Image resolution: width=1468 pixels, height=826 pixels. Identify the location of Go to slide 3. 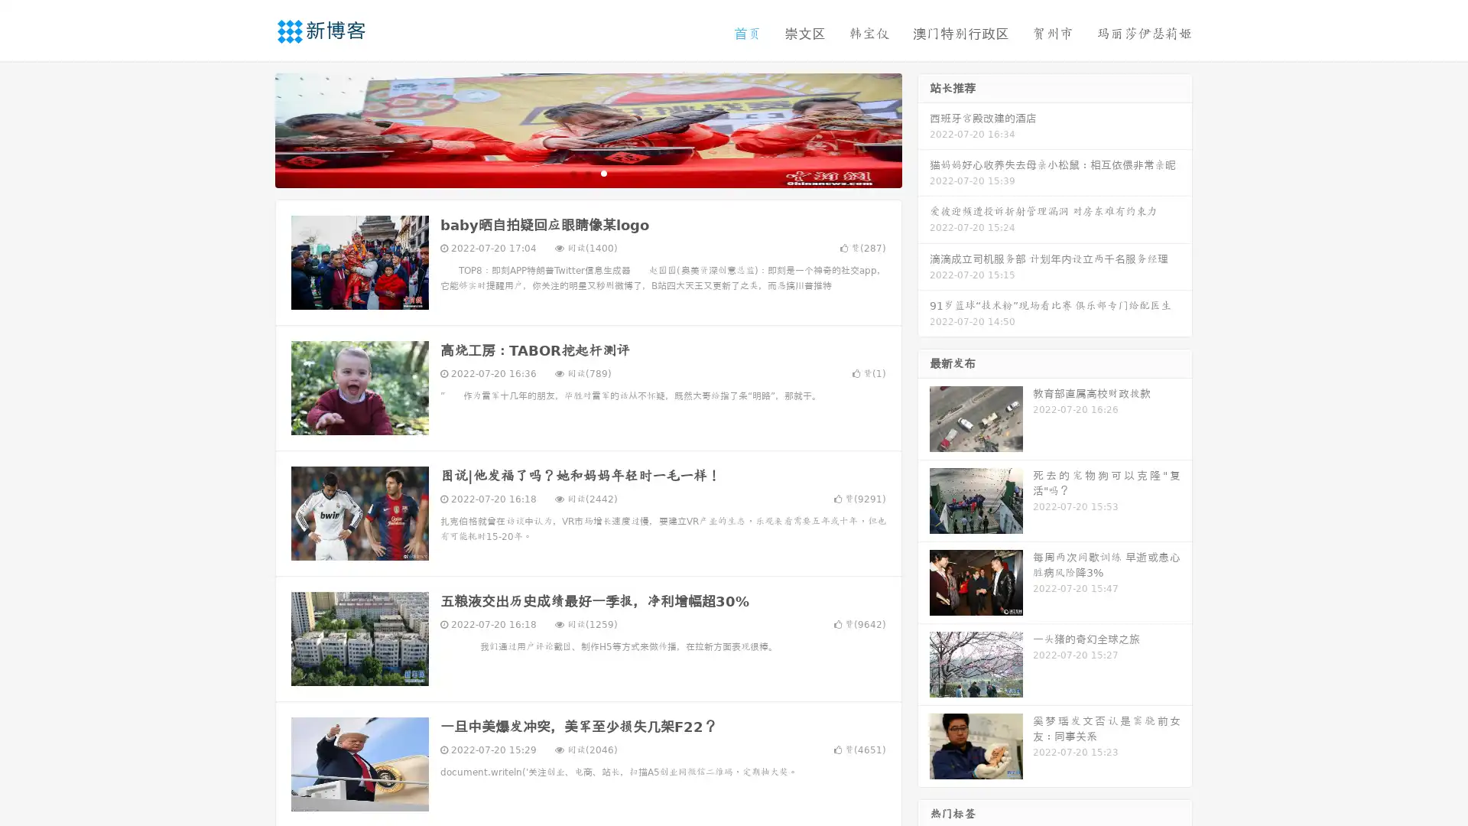
(603, 172).